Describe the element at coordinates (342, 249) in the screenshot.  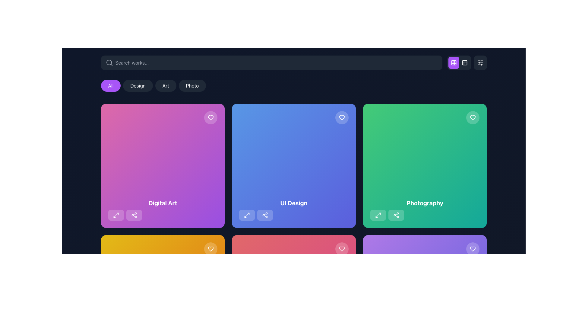
I see `the unique heart icon button located in the bottom-right corner of the red rectangular tile to like or favorite the item` at that location.